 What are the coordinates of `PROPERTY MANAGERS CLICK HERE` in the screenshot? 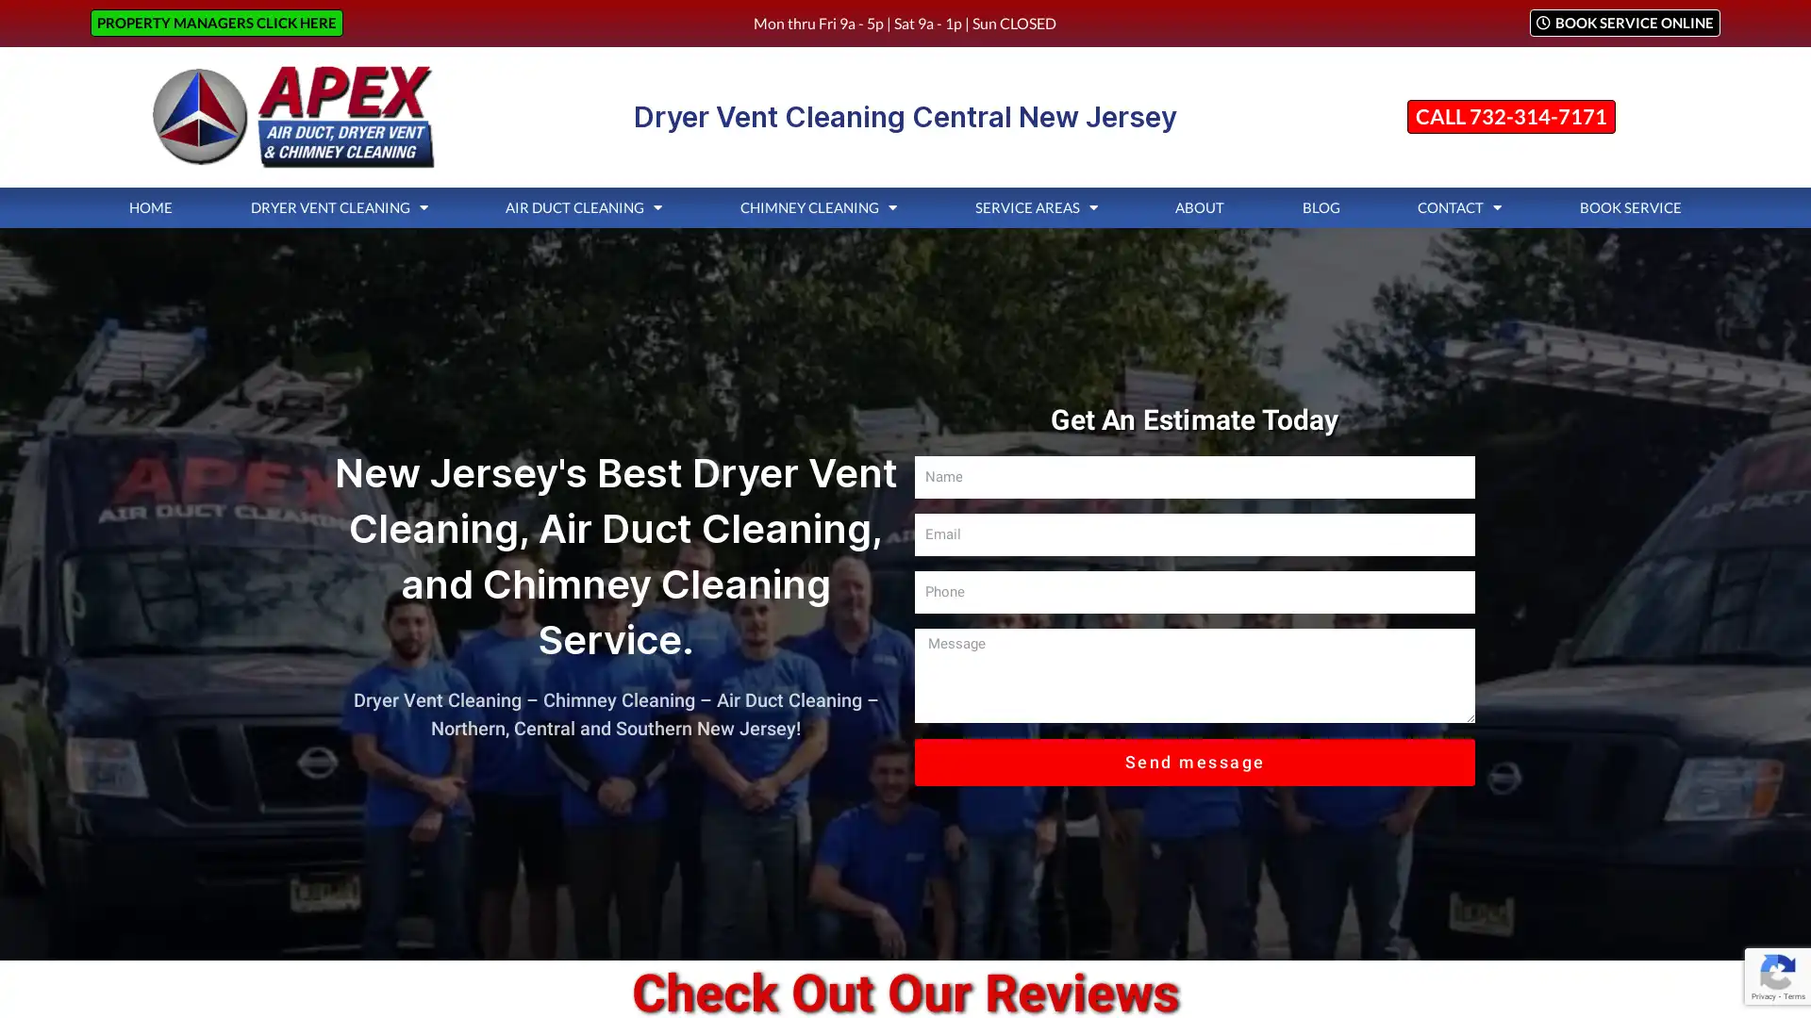 It's located at (217, 23).